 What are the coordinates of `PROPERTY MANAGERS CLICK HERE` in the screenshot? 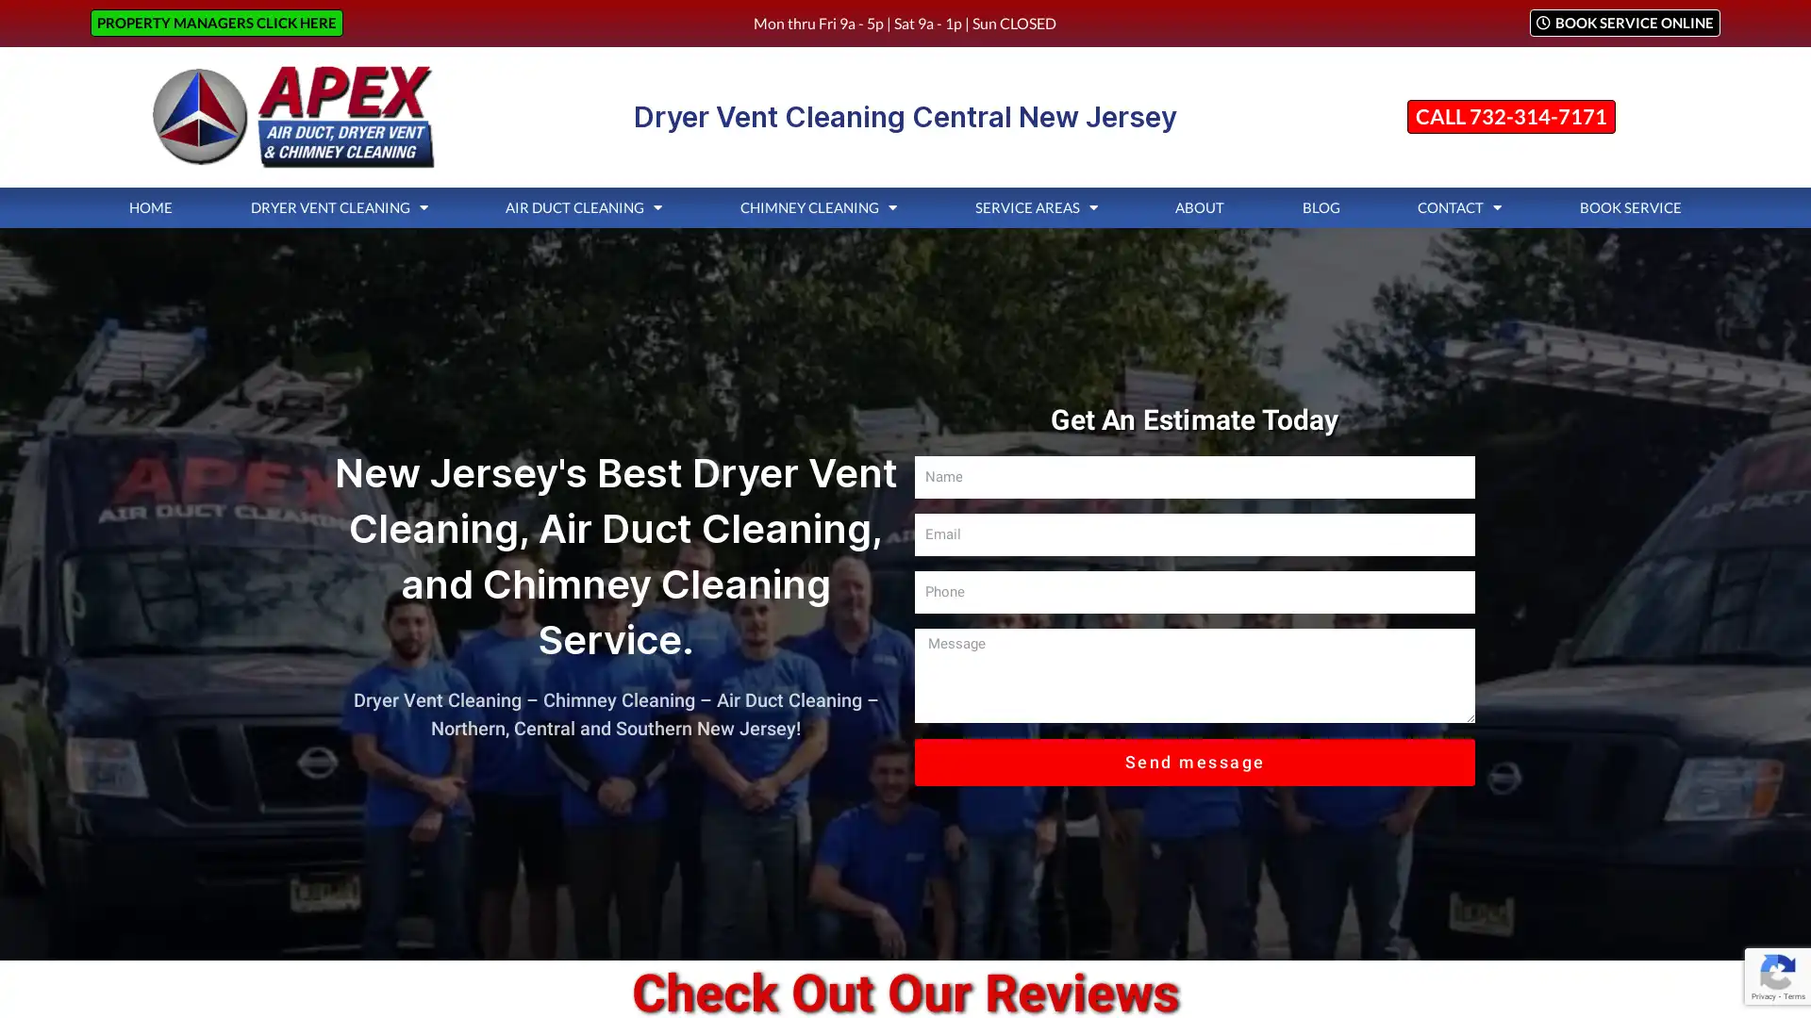 It's located at (217, 23).